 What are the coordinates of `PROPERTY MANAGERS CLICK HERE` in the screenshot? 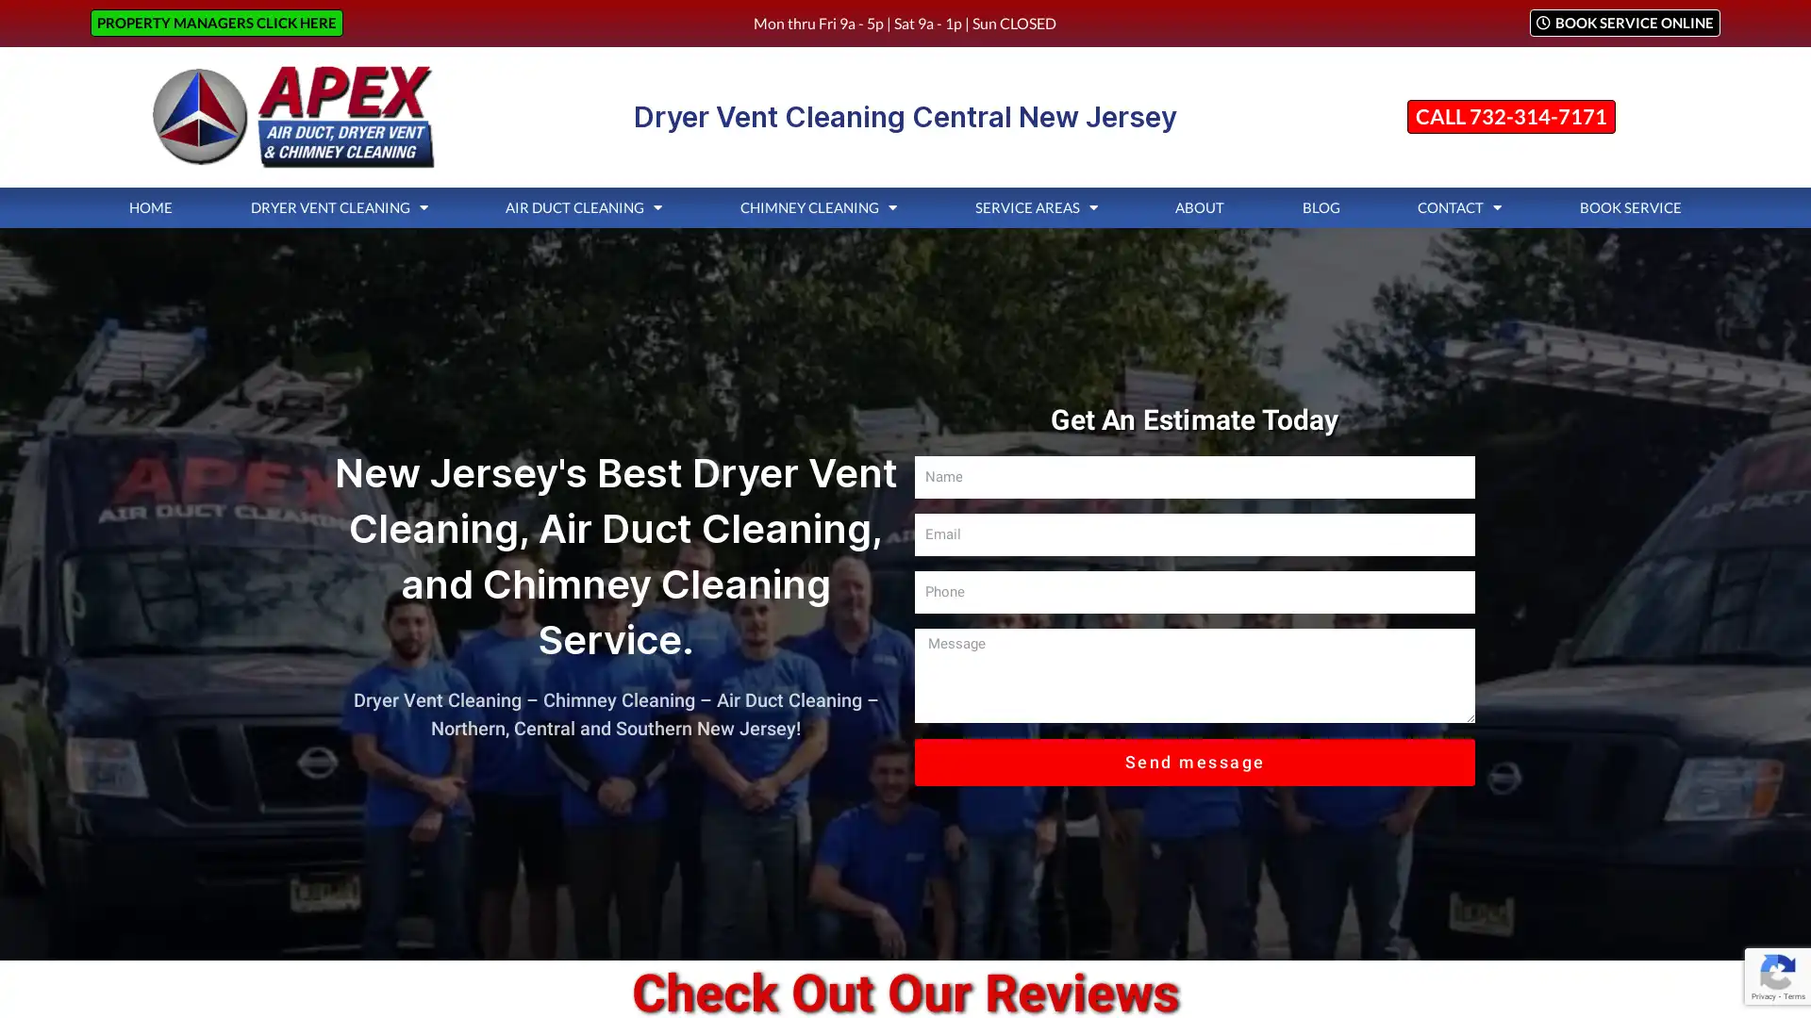 It's located at (217, 23).